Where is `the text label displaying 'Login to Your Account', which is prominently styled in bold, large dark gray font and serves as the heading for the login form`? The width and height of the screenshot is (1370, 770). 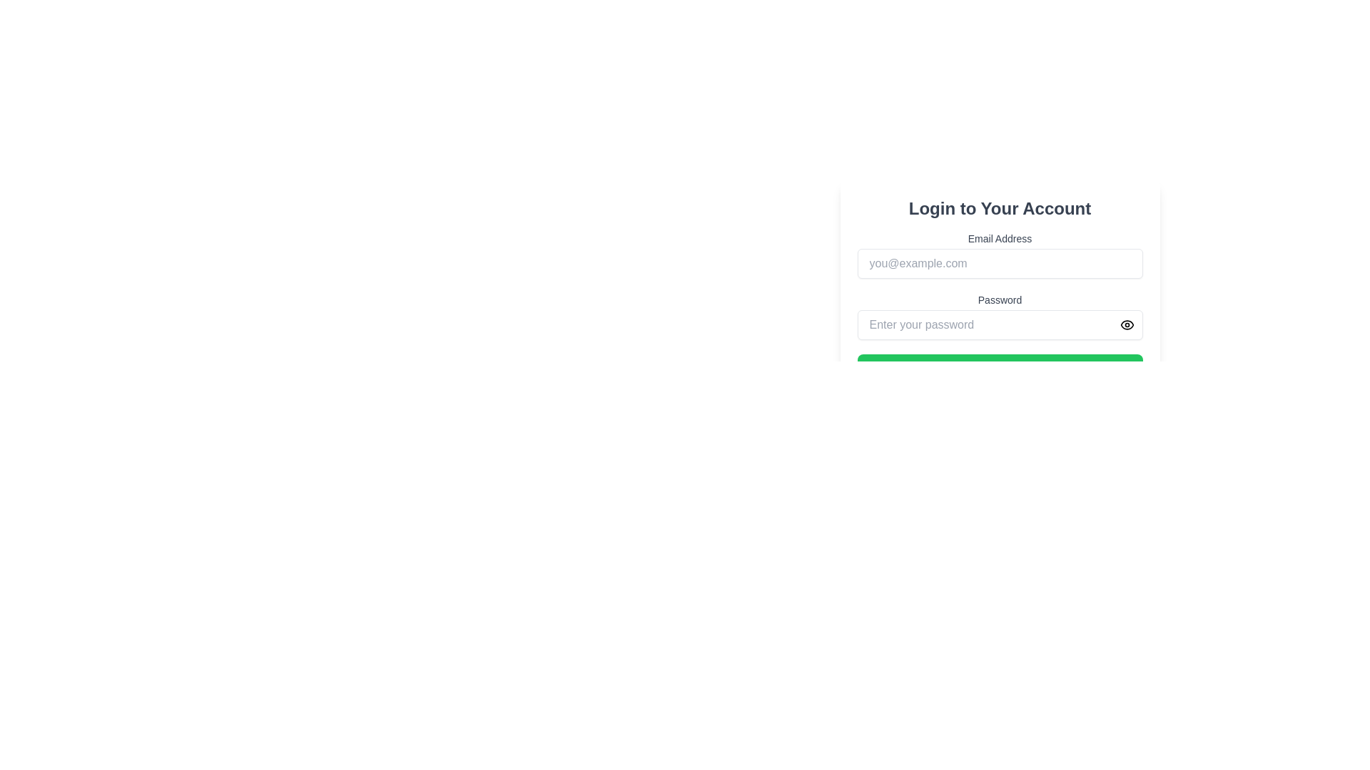
the text label displaying 'Login to Your Account', which is prominently styled in bold, large dark gray font and serves as the heading for the login form is located at coordinates (999, 209).